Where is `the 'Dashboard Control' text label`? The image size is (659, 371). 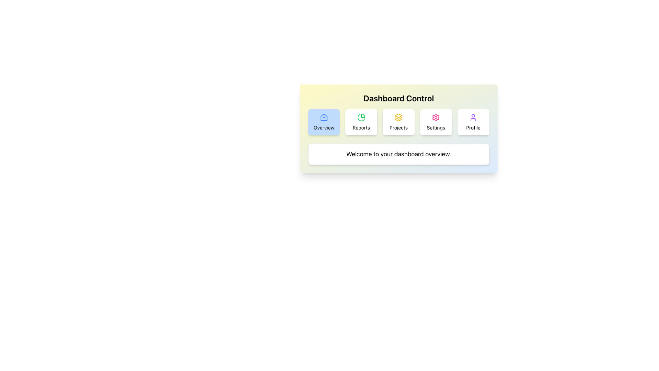 the 'Dashboard Control' text label is located at coordinates (398, 98).